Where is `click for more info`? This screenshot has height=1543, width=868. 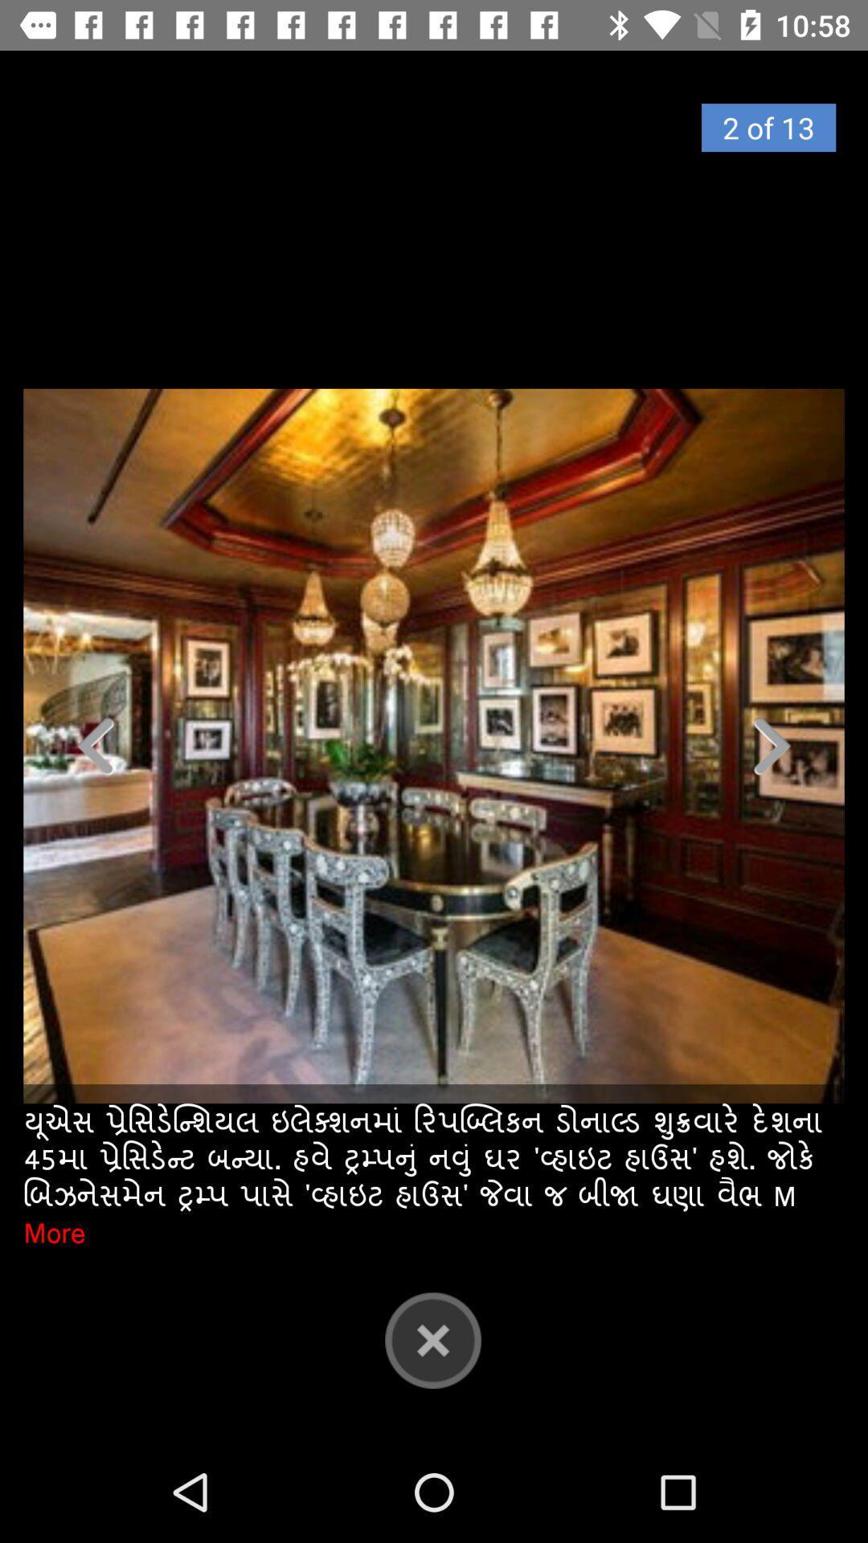 click for more info is located at coordinates (434, 745).